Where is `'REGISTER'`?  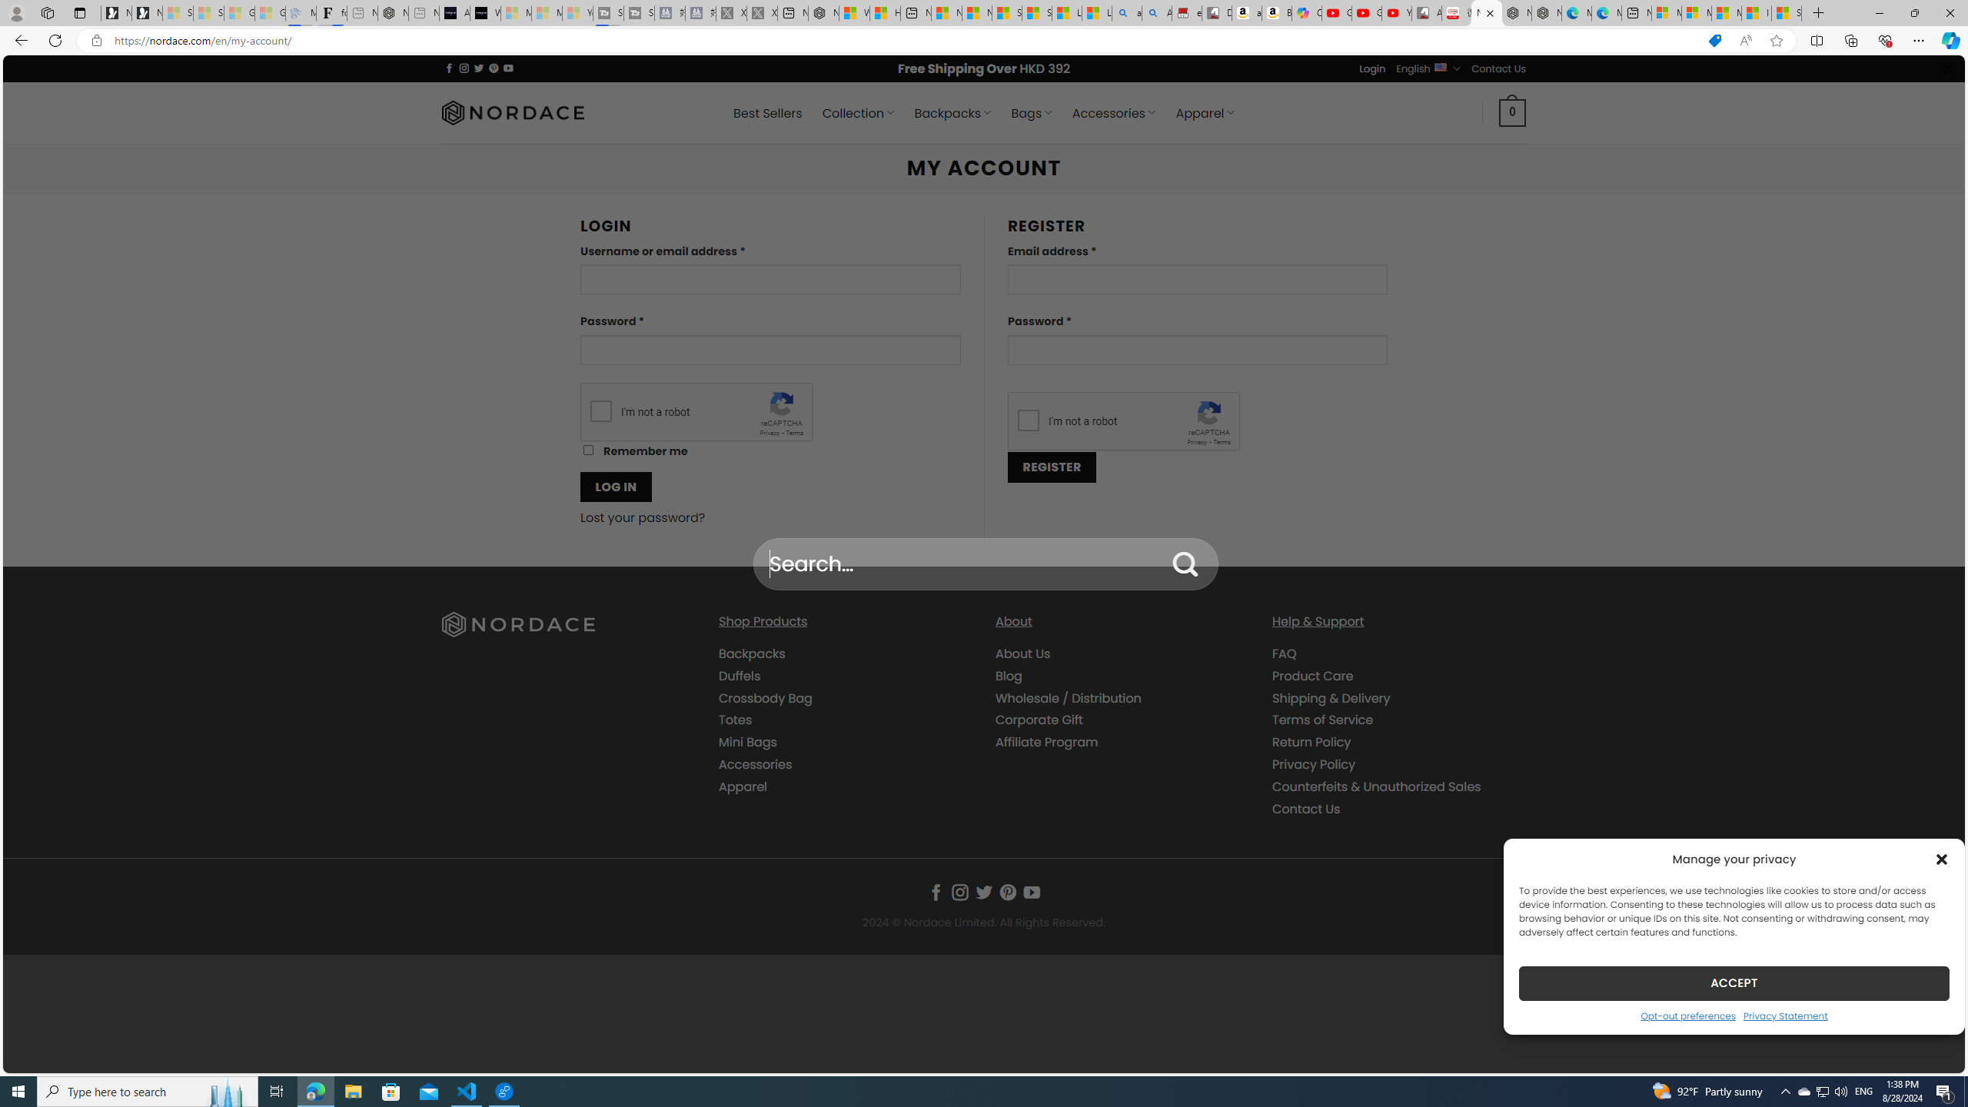
'REGISTER' is located at coordinates (1051, 466).